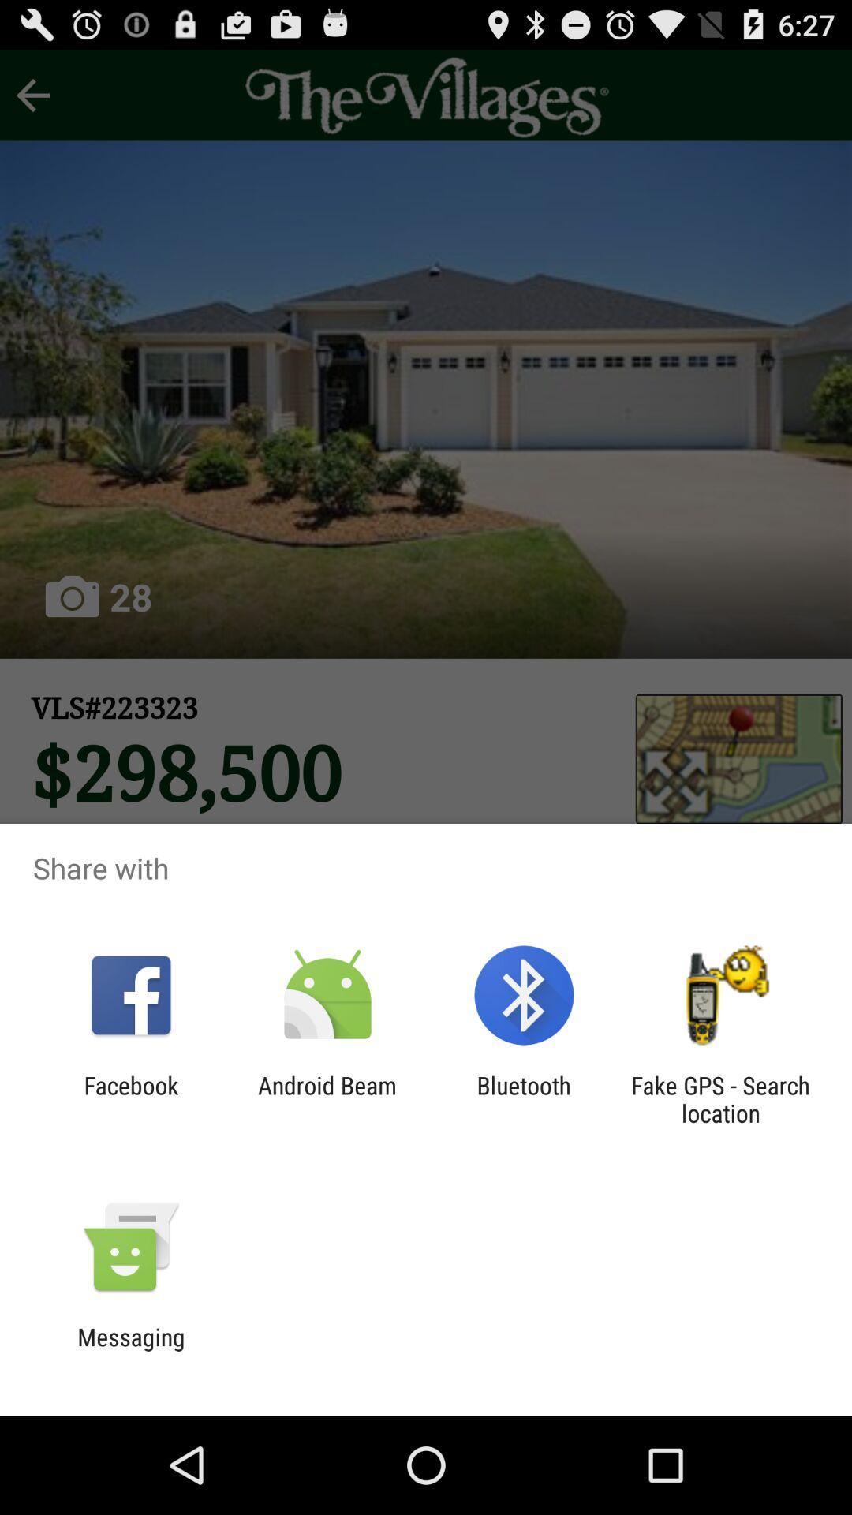  What do you see at coordinates (524, 1098) in the screenshot?
I see `app to the right of android beam icon` at bounding box center [524, 1098].